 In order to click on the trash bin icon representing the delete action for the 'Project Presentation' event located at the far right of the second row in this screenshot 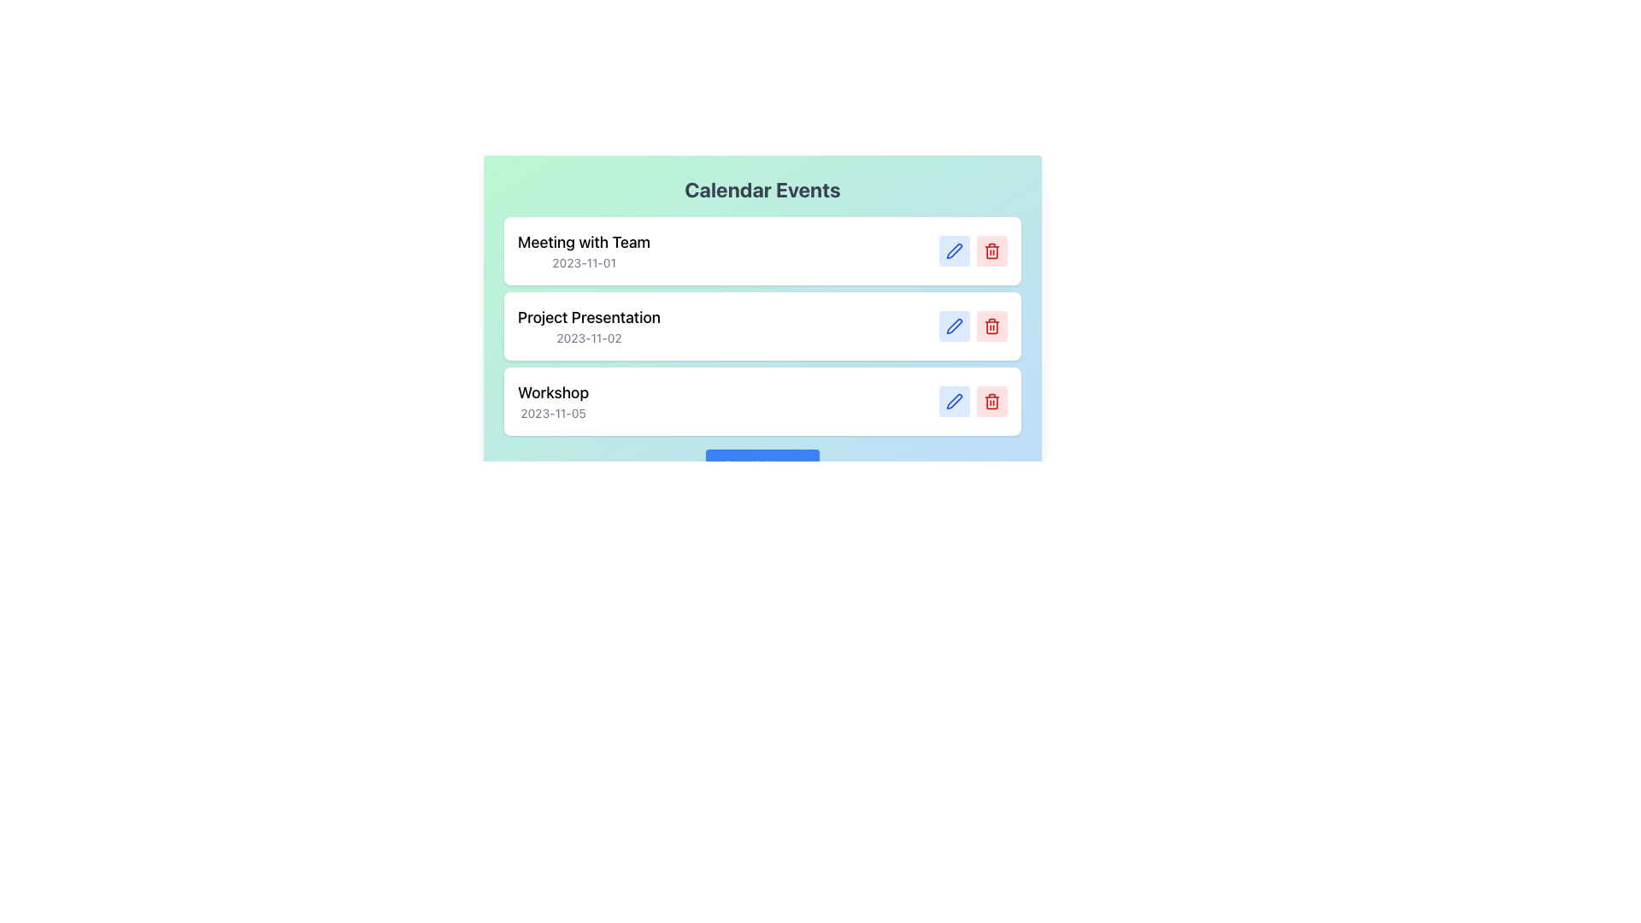, I will do `click(992, 326)`.